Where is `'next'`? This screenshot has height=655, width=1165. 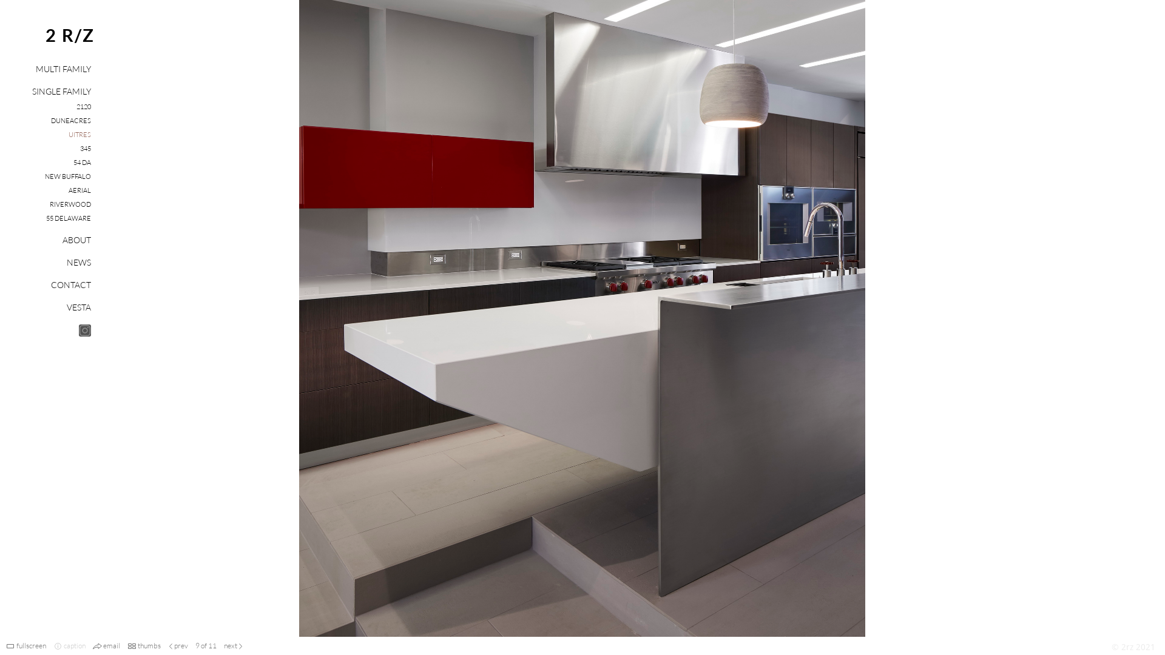
'next' is located at coordinates (230, 644).